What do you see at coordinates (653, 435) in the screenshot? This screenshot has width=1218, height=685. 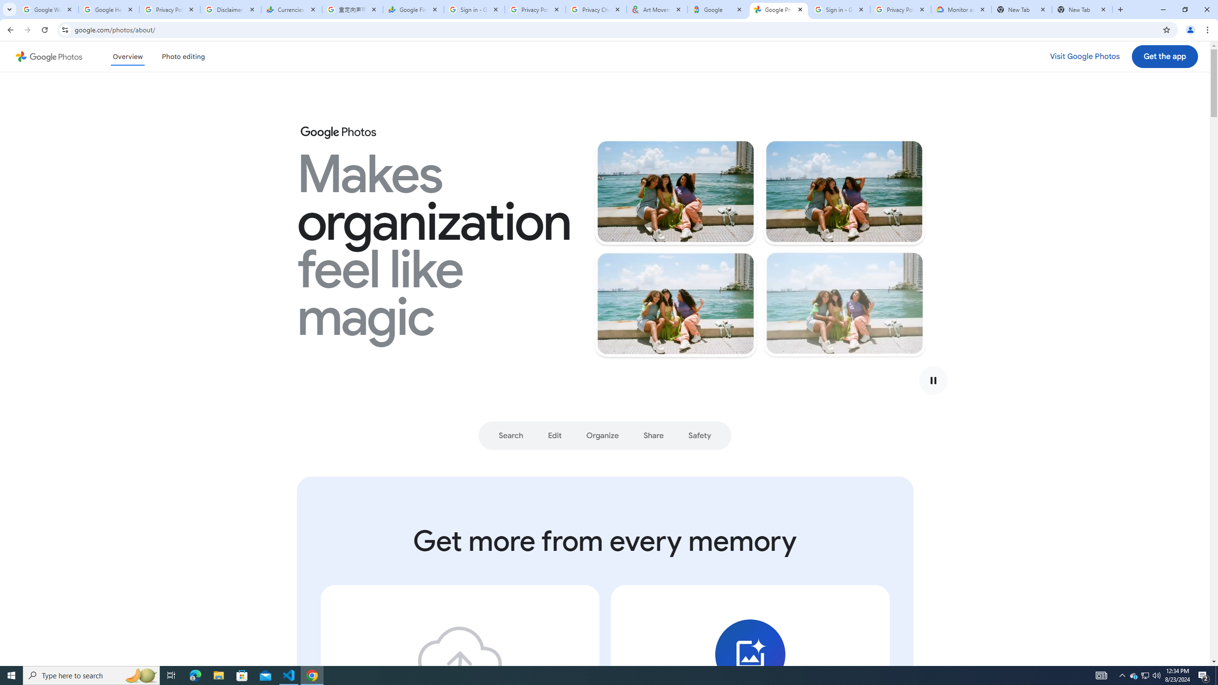 I see `'Go to section: Share'` at bounding box center [653, 435].